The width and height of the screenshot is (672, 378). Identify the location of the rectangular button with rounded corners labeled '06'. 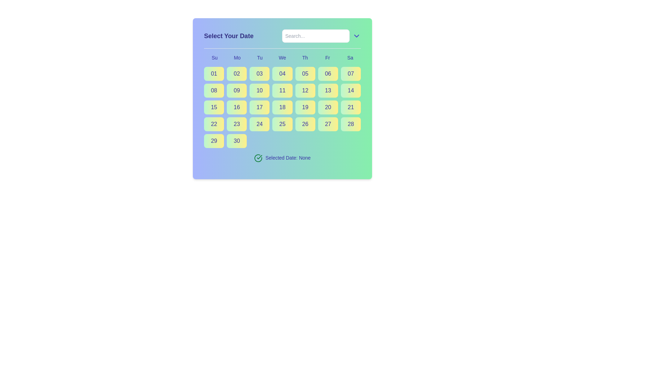
(327, 74).